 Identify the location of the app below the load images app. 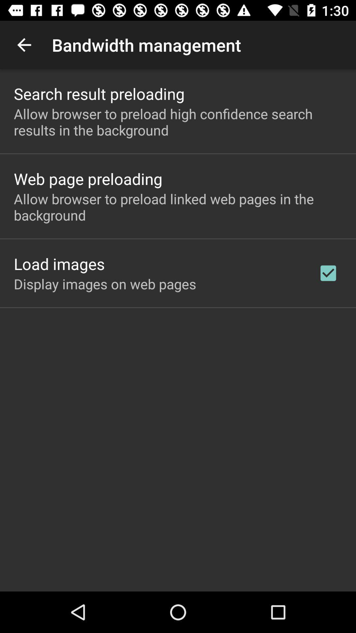
(104, 284).